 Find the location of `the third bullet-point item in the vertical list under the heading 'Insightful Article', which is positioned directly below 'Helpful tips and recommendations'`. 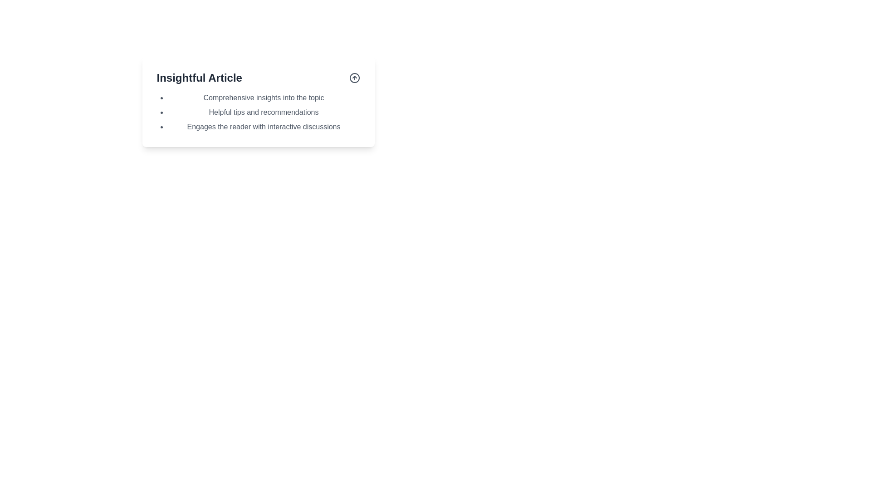

the third bullet-point item in the vertical list under the heading 'Insightful Article', which is positioned directly below 'Helpful tips and recommendations' is located at coordinates (263, 127).